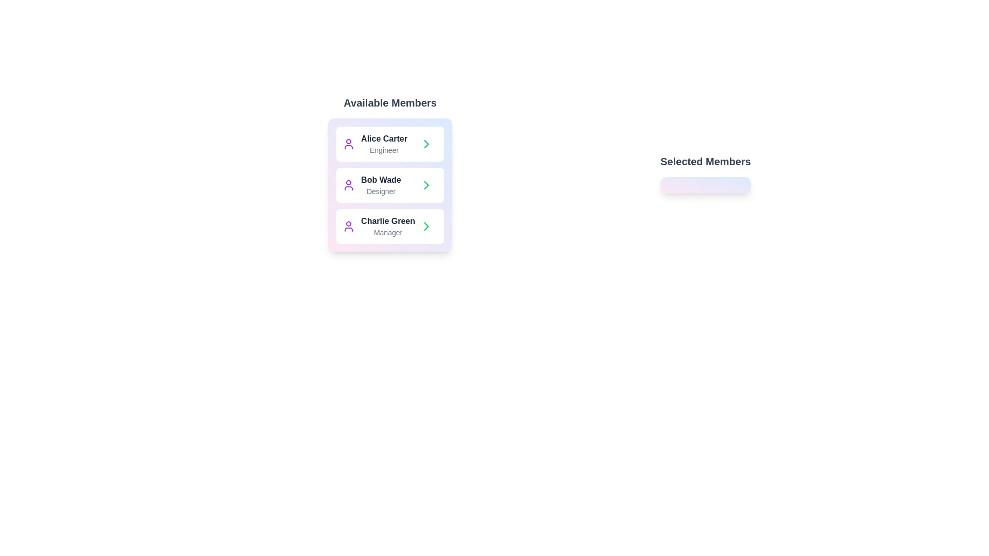  What do you see at coordinates (427, 144) in the screenshot?
I see `green arrow button corresponding to the member Alice Carter to move them to the selected list` at bounding box center [427, 144].